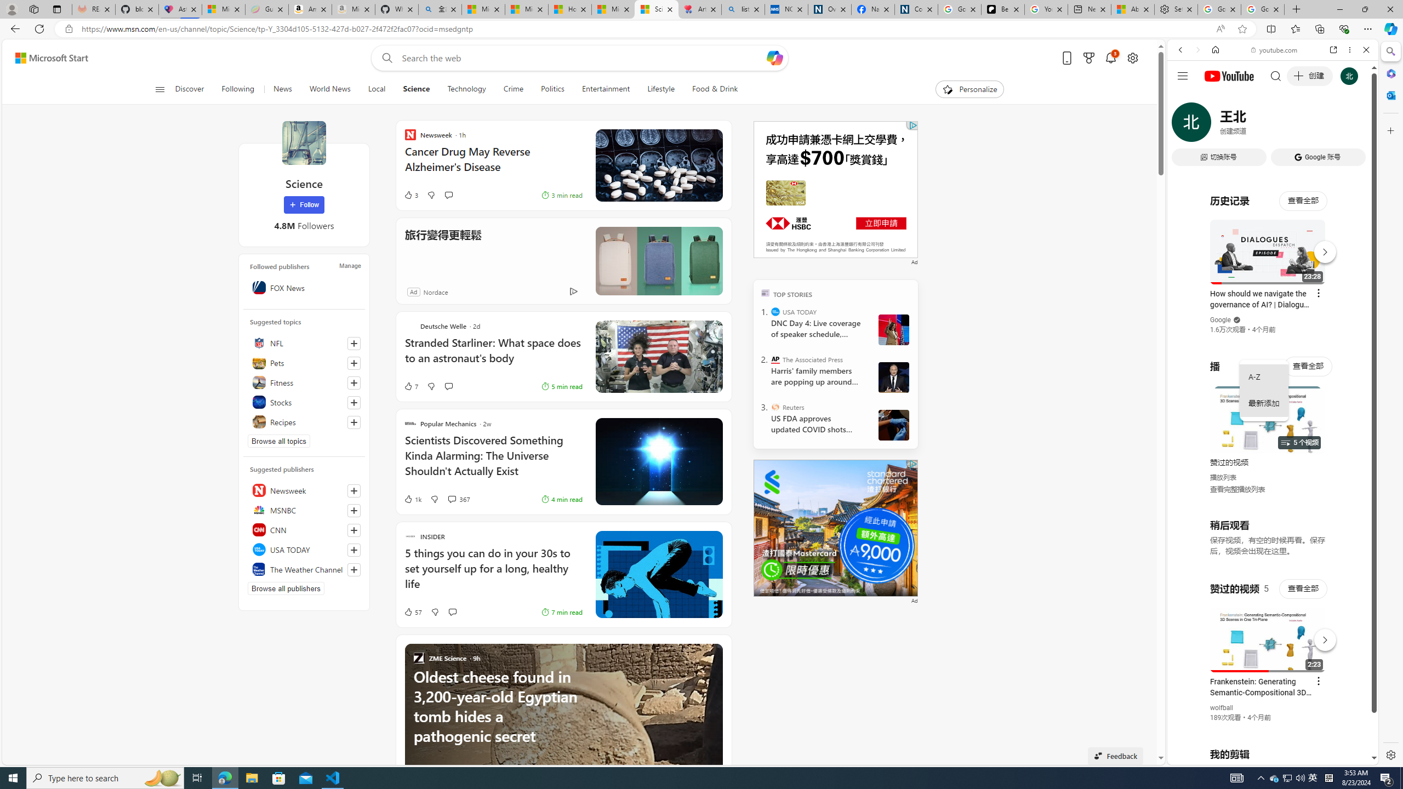  Describe the element at coordinates (1003, 9) in the screenshot. I see `'Be Smart | creating Science videos | Patreon'` at that location.